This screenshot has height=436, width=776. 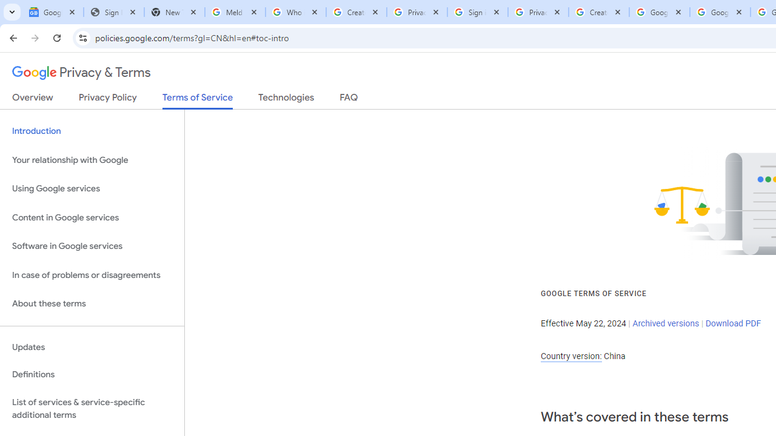 I want to click on 'Country version:', so click(x=570, y=355).